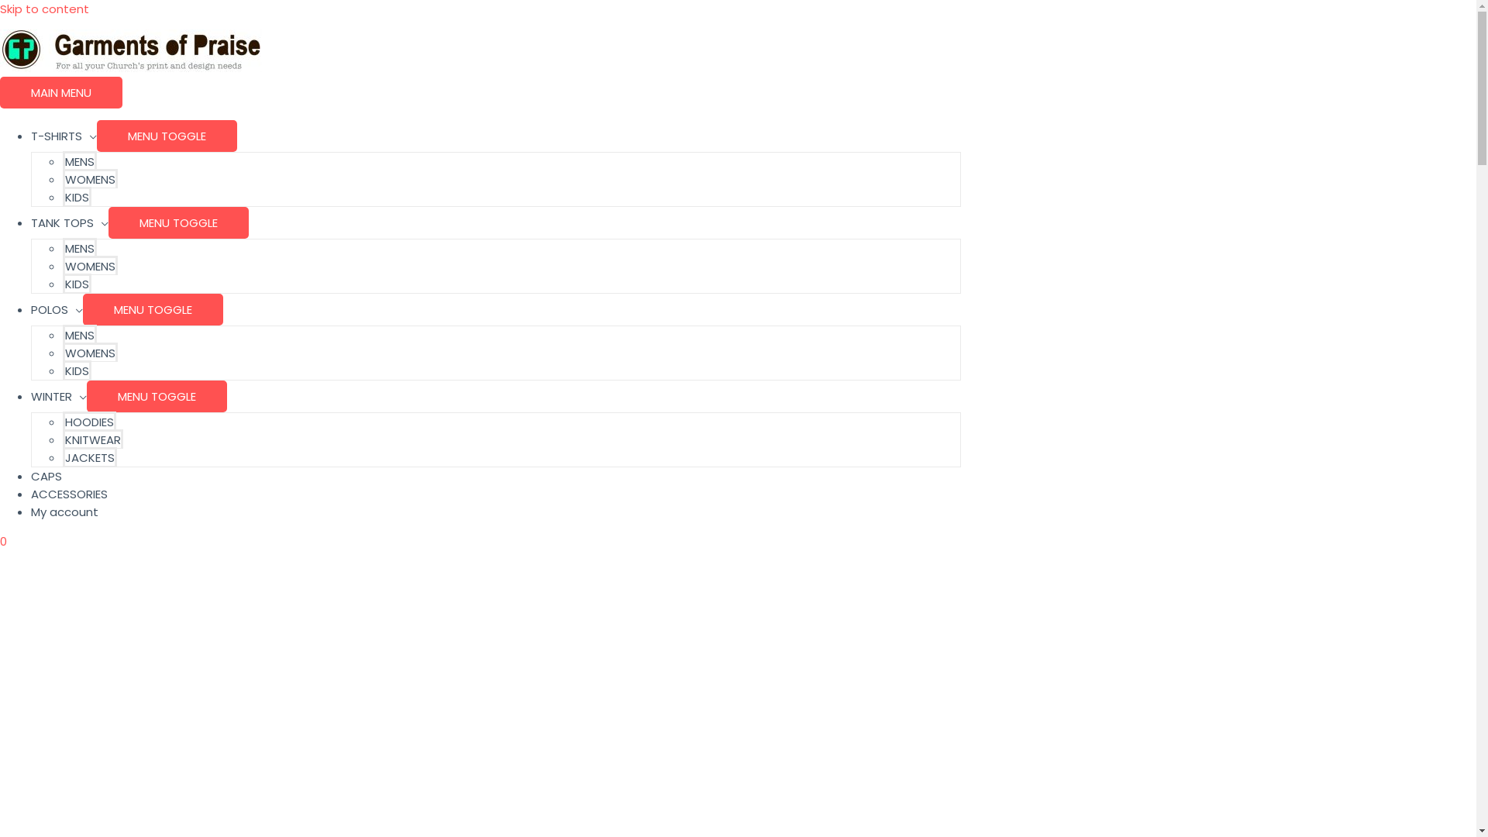 The image size is (1488, 837). What do you see at coordinates (88, 456) in the screenshot?
I see `'JACKETS'` at bounding box center [88, 456].